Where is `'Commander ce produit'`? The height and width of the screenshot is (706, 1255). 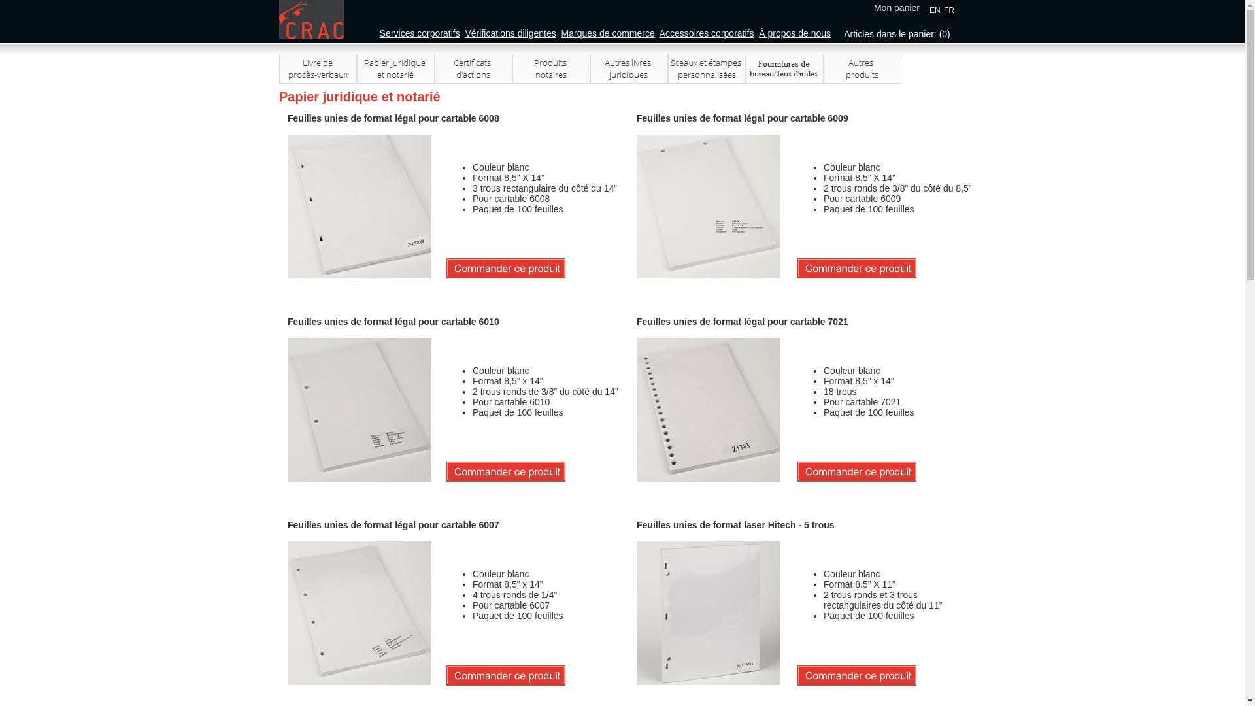 'Commander ce produit' is located at coordinates (856, 267).